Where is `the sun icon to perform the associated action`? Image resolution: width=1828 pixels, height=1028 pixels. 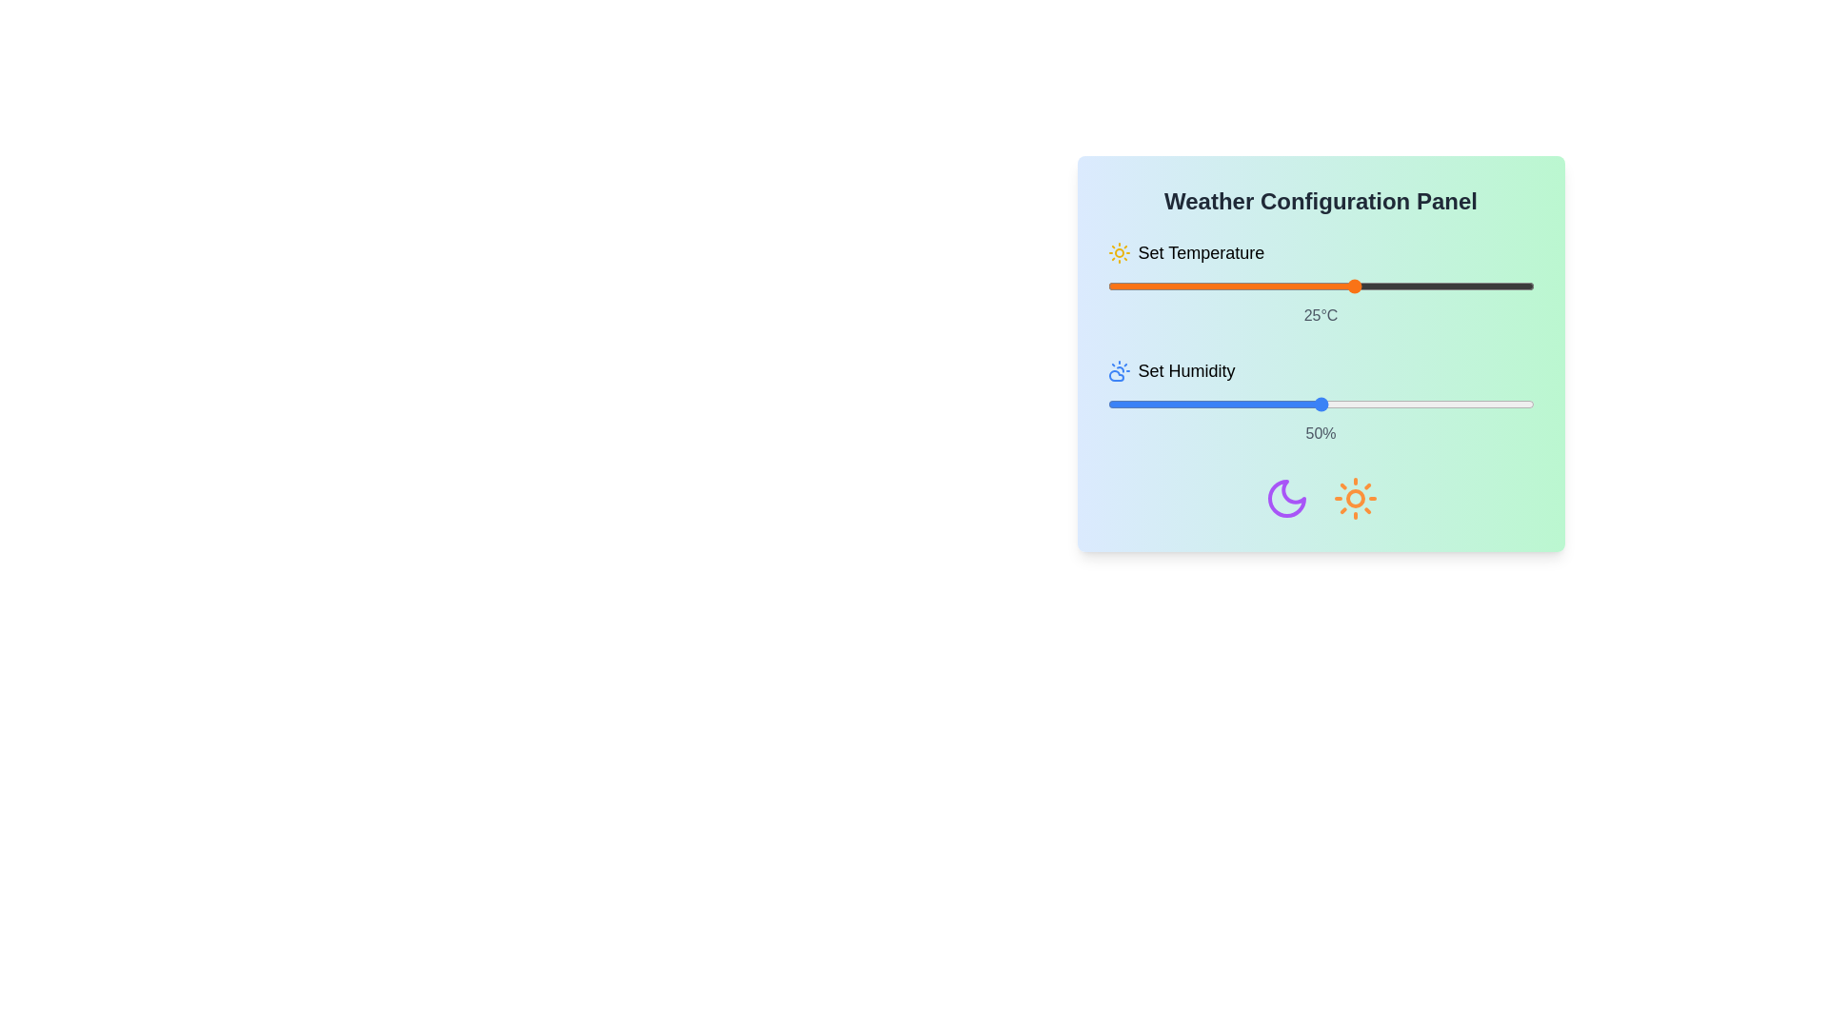 the sun icon to perform the associated action is located at coordinates (1354, 498).